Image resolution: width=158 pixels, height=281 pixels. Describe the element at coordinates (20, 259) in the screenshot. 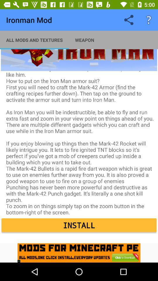

I see `icon below the install` at that location.